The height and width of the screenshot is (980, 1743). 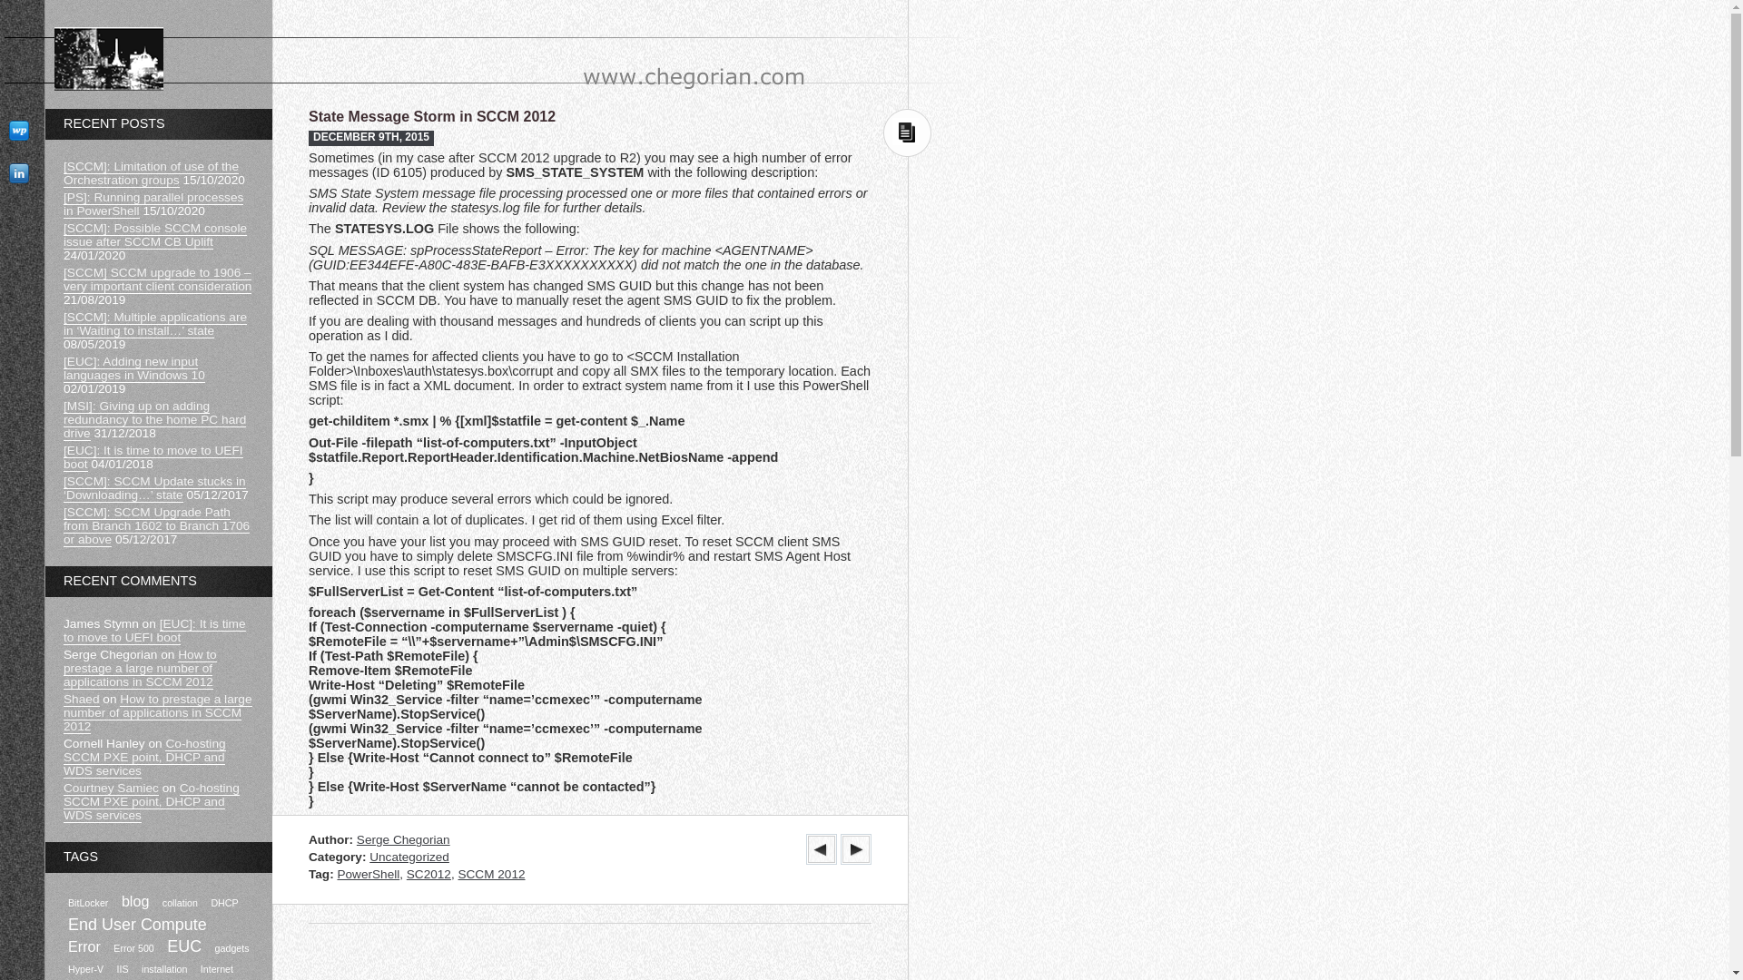 I want to click on '[EUC]: It is time to move to UEFI boot', so click(x=154, y=630).